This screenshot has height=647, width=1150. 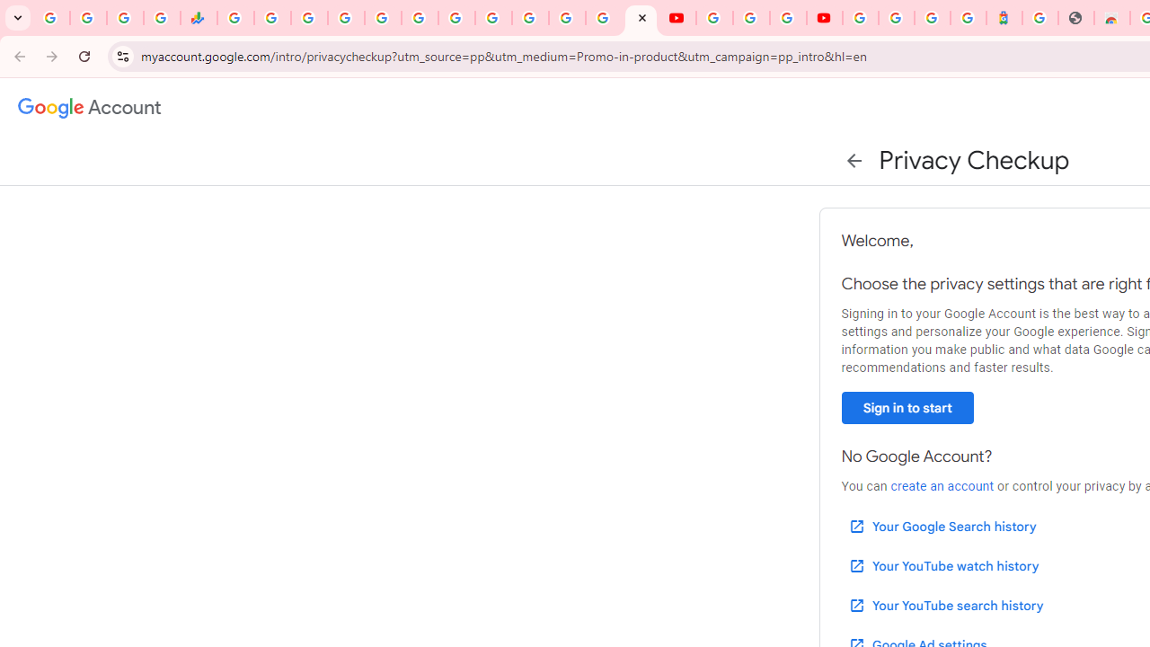 What do you see at coordinates (1111, 18) in the screenshot?
I see `'Chrome Web Store - Household'` at bounding box center [1111, 18].